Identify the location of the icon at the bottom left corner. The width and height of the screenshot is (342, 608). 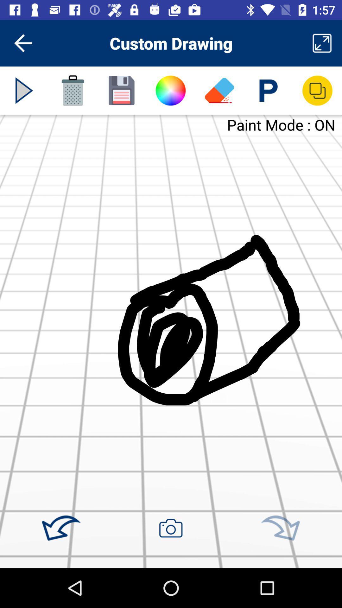
(61, 528).